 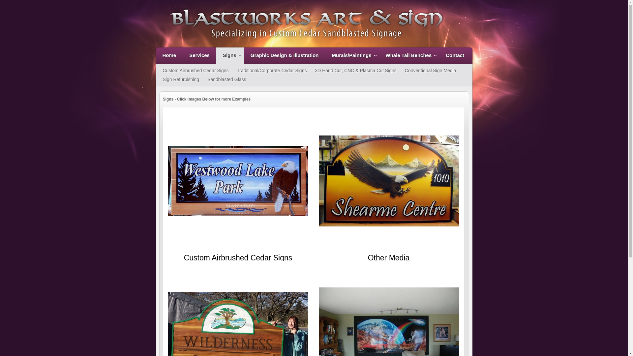 What do you see at coordinates (439, 55) in the screenshot?
I see `'Contact'` at bounding box center [439, 55].